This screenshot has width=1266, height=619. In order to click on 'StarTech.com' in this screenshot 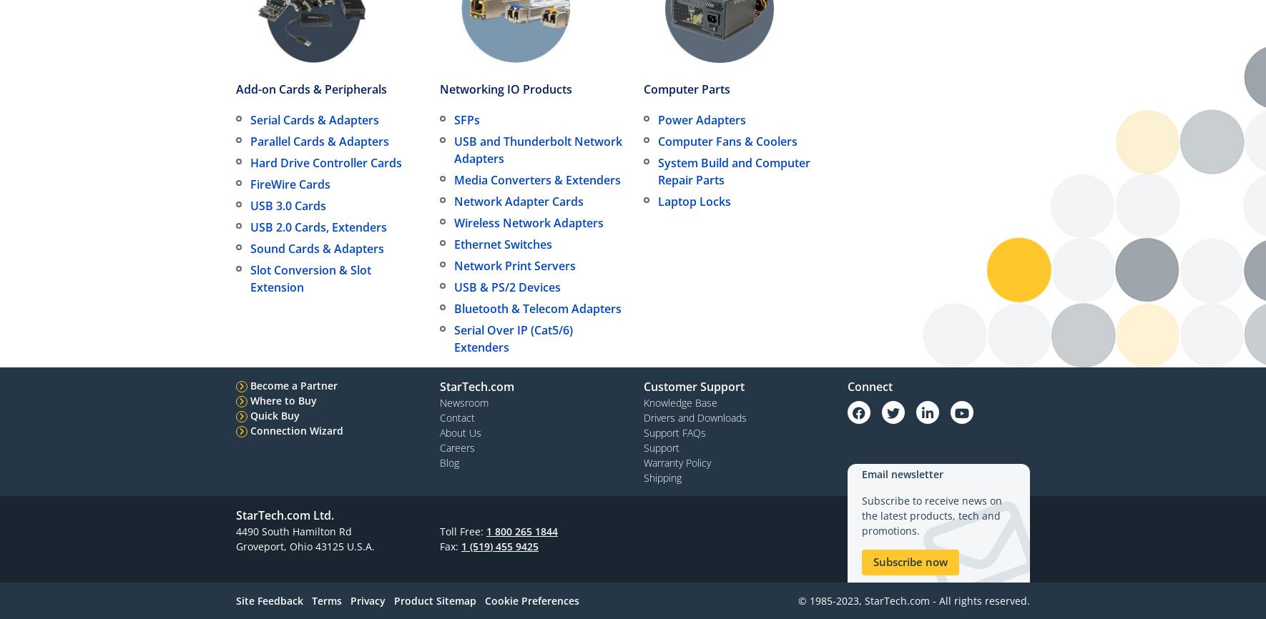, I will do `click(476, 386)`.